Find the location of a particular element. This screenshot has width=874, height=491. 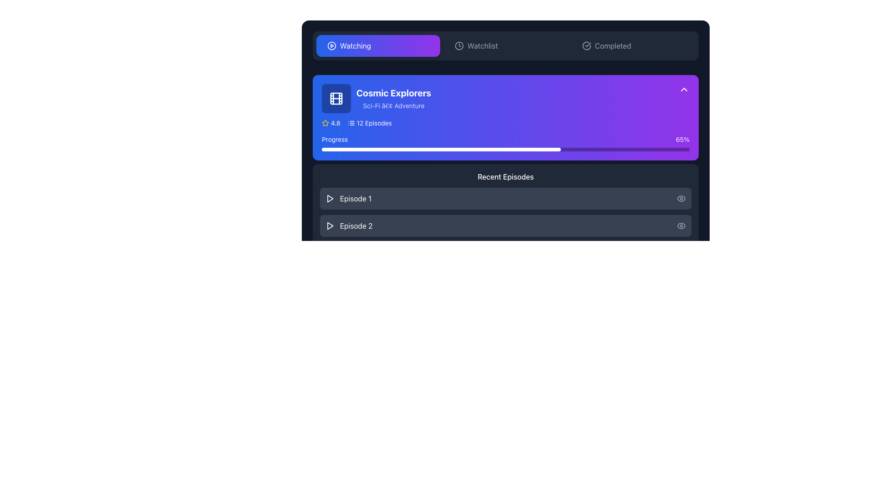

the progress is located at coordinates (332, 356).